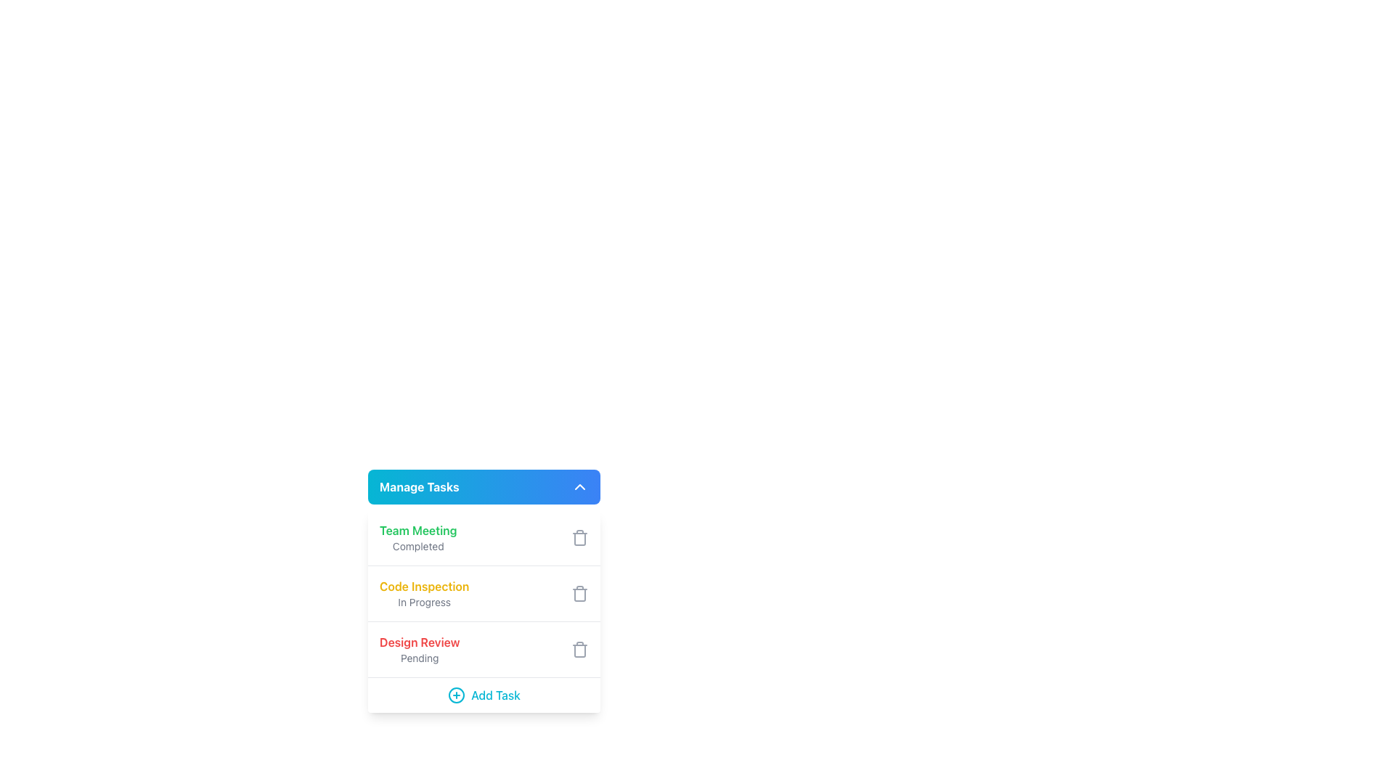 This screenshot has width=1394, height=784. What do you see at coordinates (419, 641) in the screenshot?
I see `the bold red text label reading 'Design Review' in the task management panel, which is located in the third row above the 'Pending' entry` at bounding box center [419, 641].